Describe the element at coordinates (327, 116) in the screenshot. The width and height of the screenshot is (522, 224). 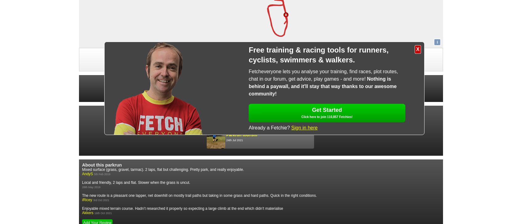
I see `'Click here to join 110,857 Fetchies!'` at that location.